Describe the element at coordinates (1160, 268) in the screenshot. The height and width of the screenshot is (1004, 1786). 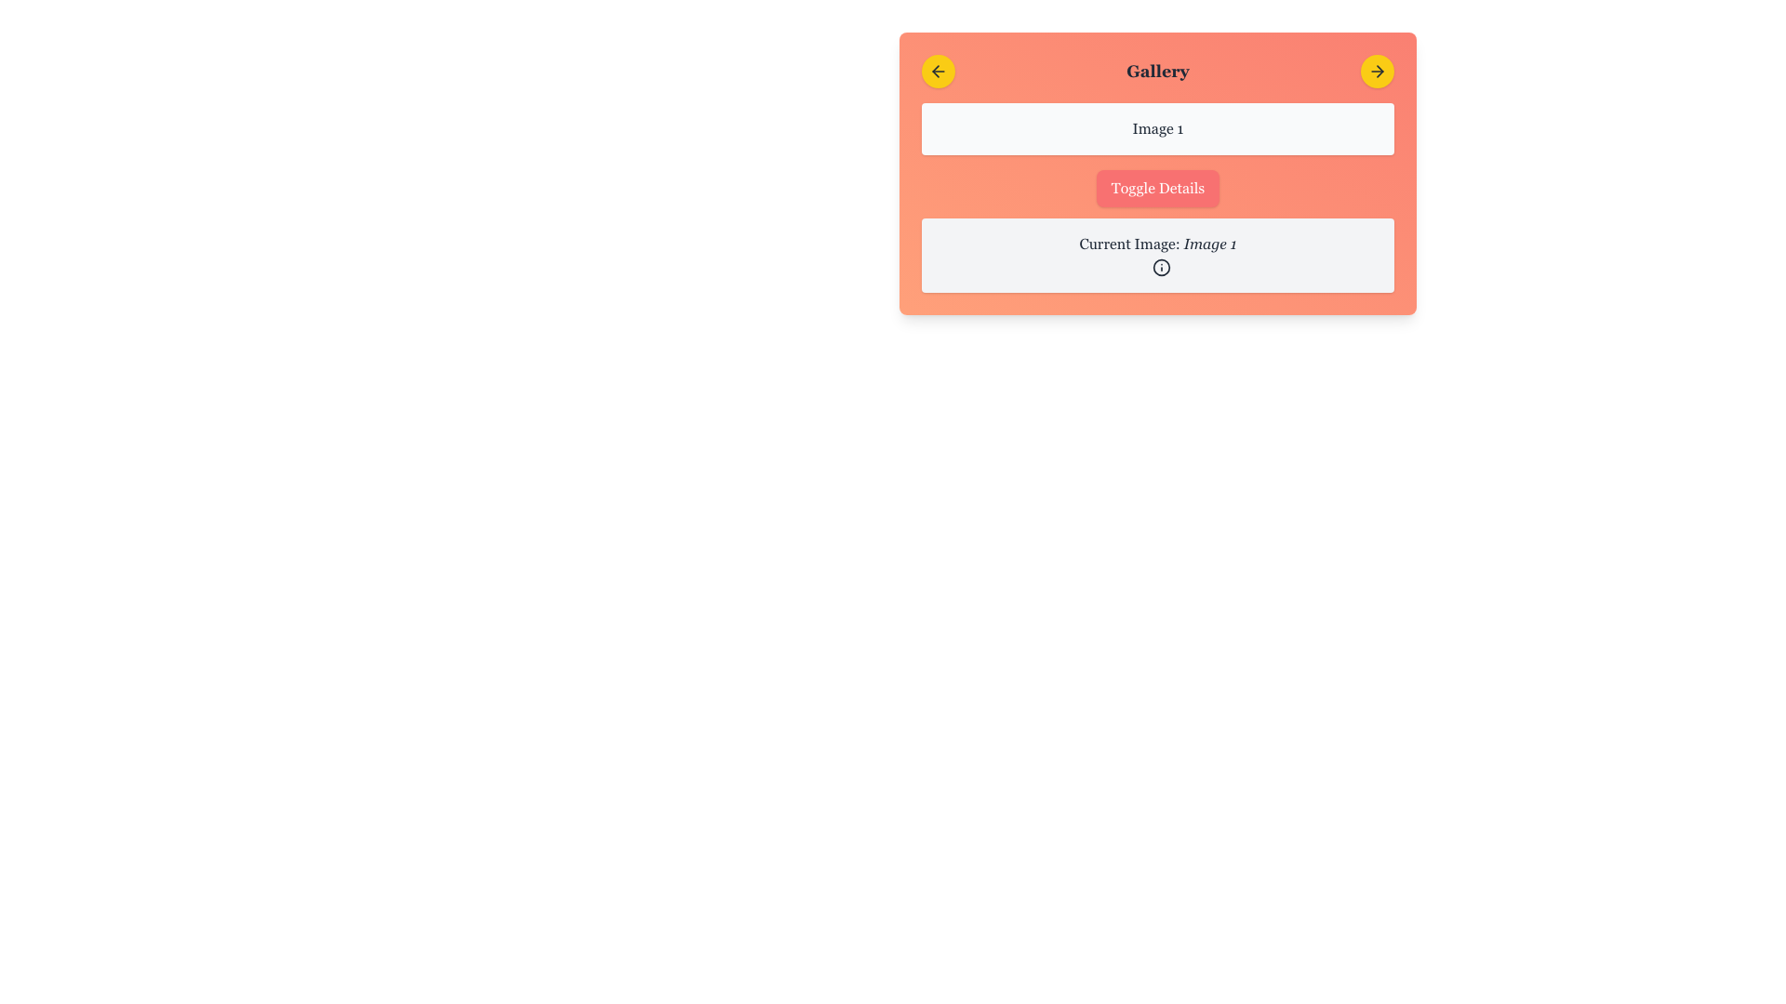
I see `the information icon, which is a small icon styled as an information symbol with a black stroke on a white background, located within the 'Current Image: Image 1' box` at that location.